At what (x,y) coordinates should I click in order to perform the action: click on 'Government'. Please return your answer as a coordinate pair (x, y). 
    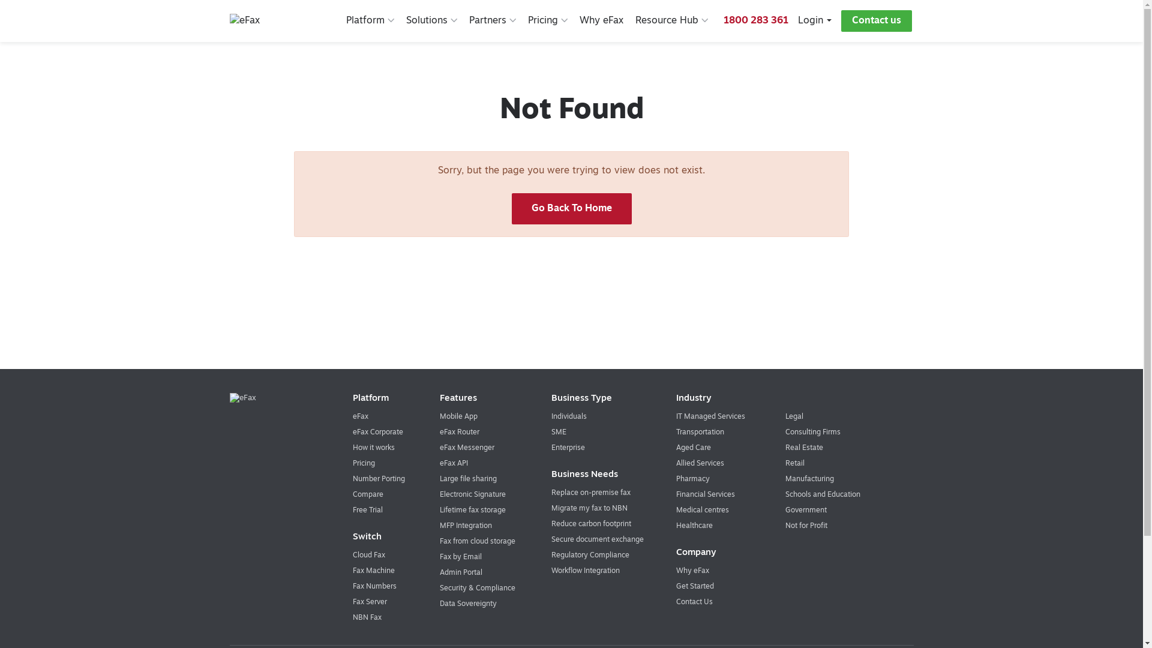
    Looking at the image, I should click on (806, 511).